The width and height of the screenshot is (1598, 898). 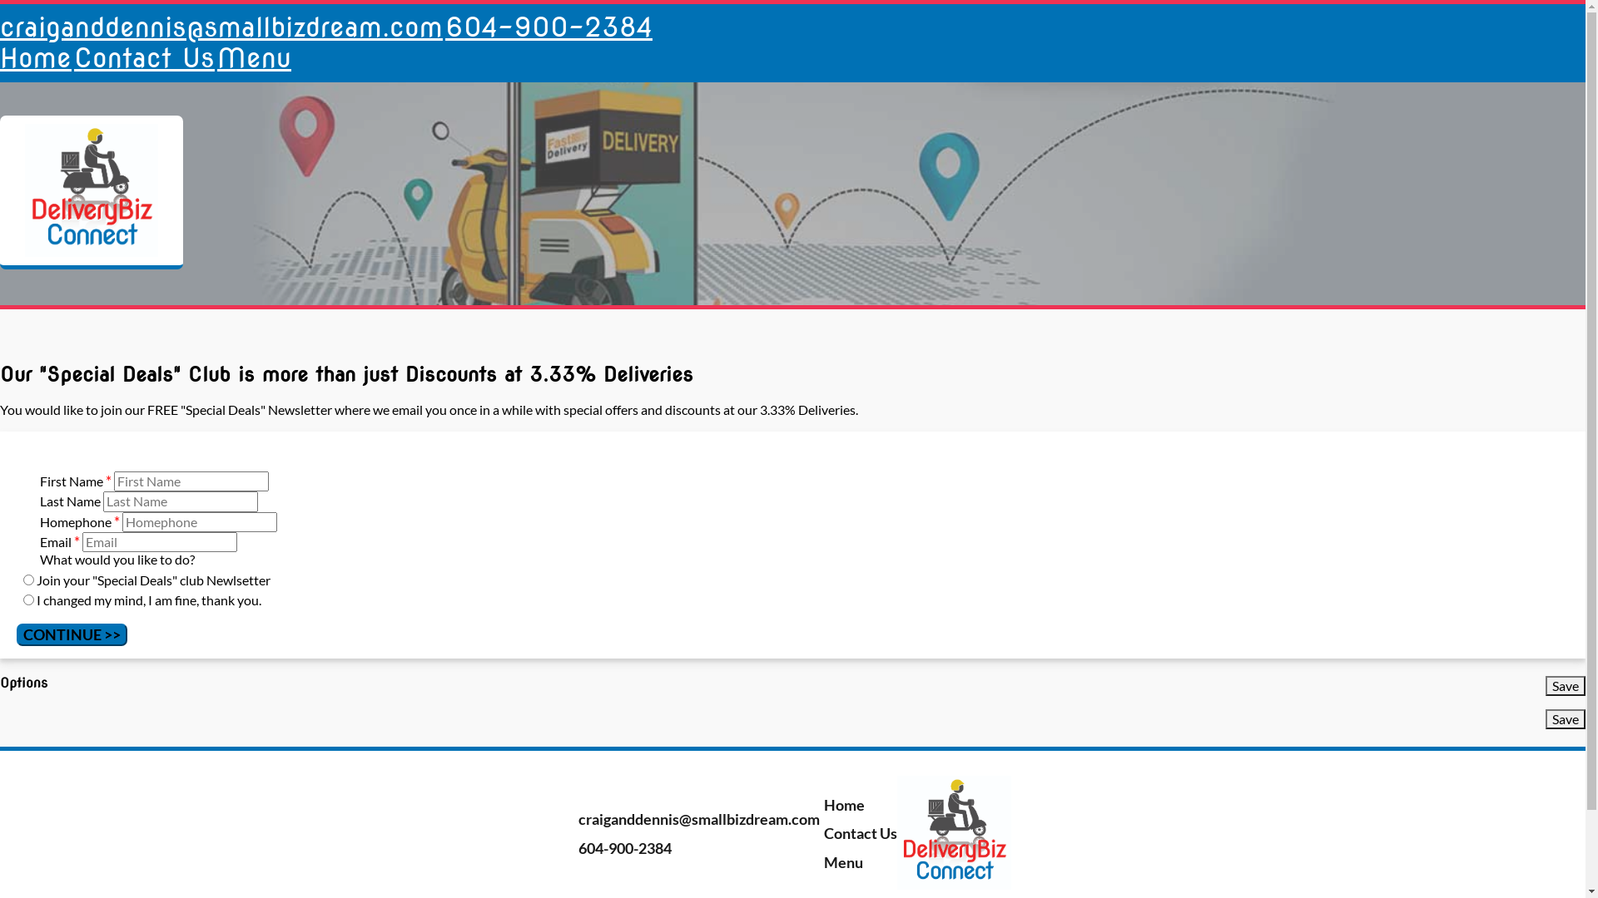 What do you see at coordinates (858, 833) in the screenshot?
I see `'Contact Us'` at bounding box center [858, 833].